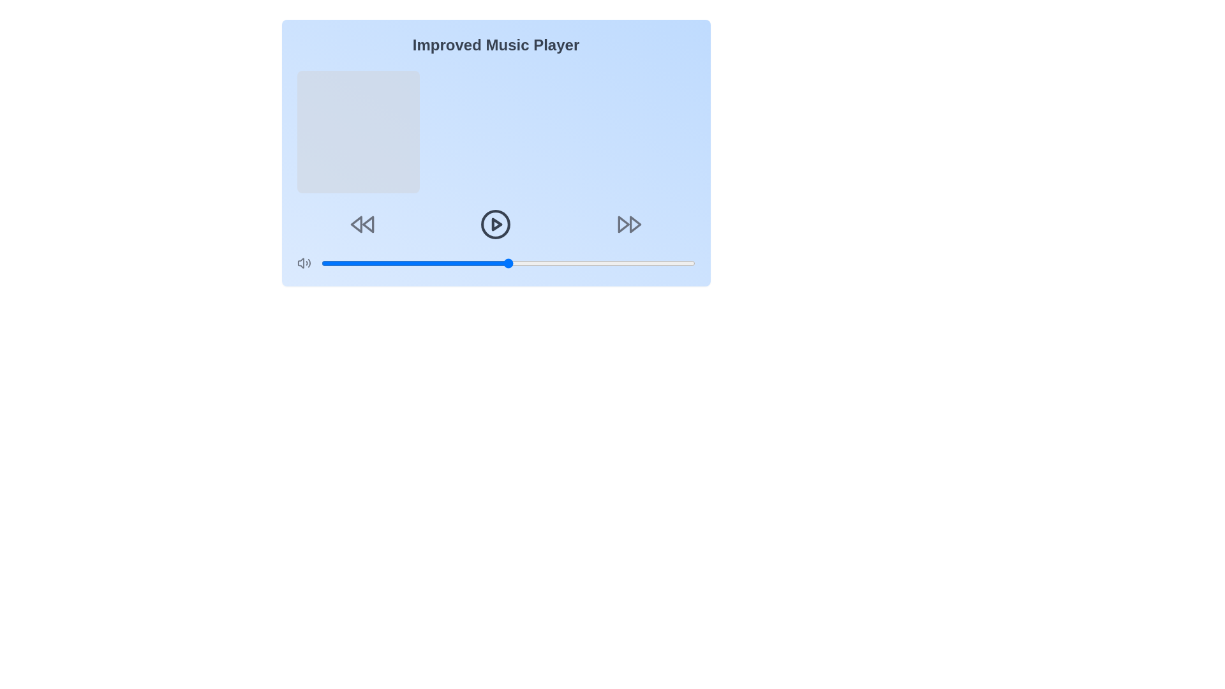 The height and width of the screenshot is (689, 1225). Describe the element at coordinates (361, 223) in the screenshot. I see `the rewind button, which is the first control among three buttons in the blue music player interface` at that location.